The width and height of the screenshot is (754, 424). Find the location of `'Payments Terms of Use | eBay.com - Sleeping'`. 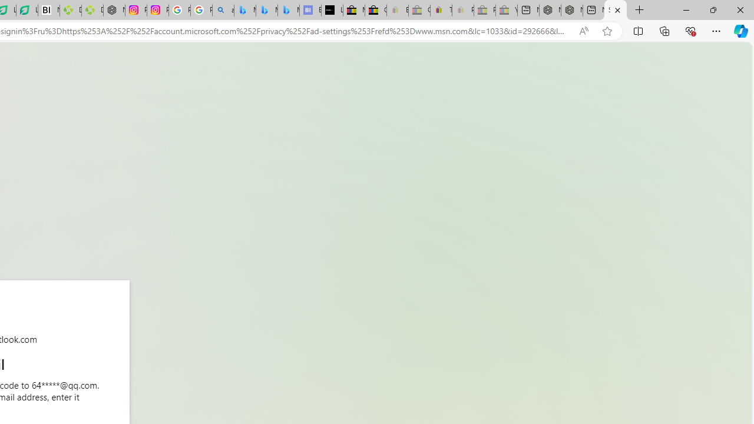

'Payments Terms of Use | eBay.com - Sleeping' is located at coordinates (462, 10).